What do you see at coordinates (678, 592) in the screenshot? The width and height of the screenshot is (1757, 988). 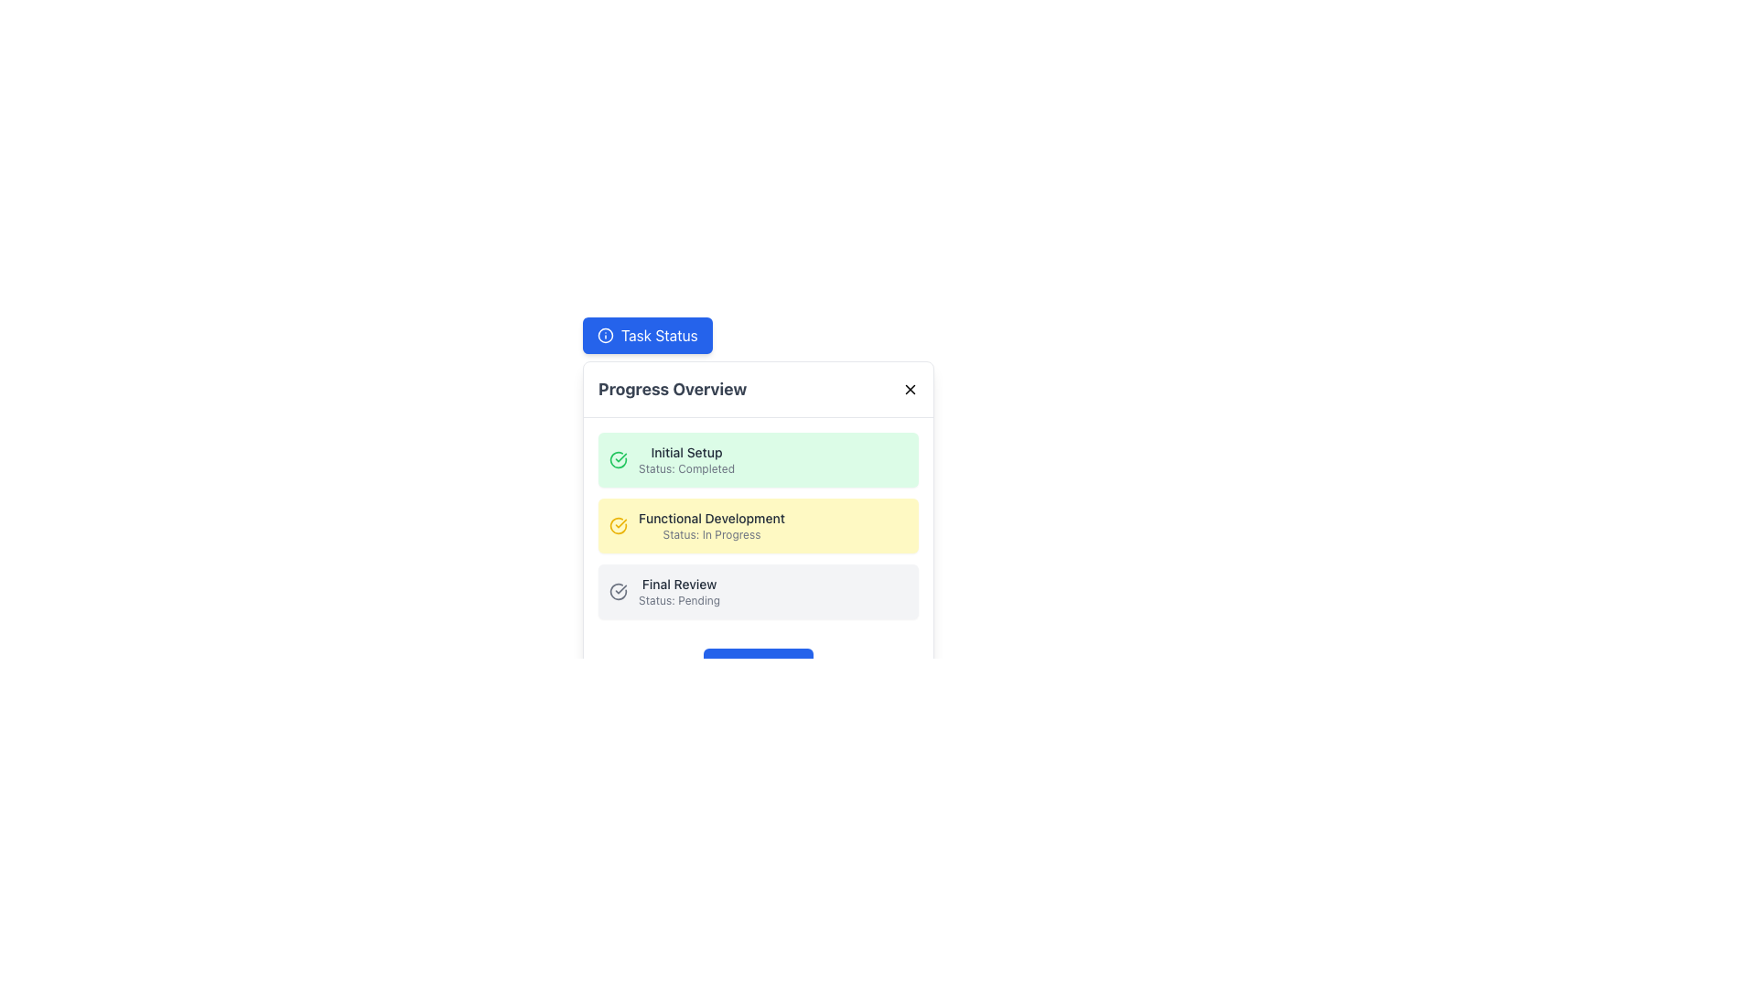 I see `the text label indicating the final review step with the status 'Pending'` at bounding box center [678, 592].